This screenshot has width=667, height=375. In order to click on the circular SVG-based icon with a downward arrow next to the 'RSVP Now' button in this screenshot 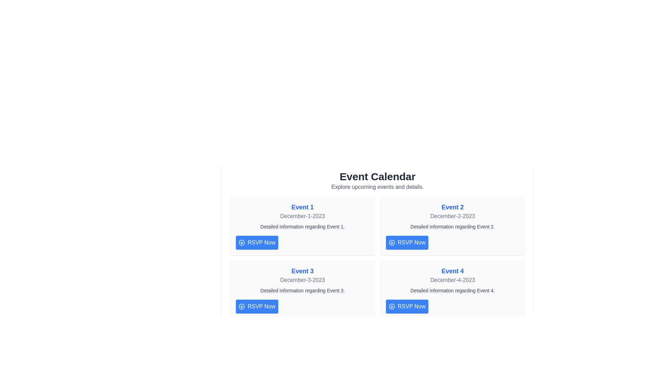, I will do `click(392, 306)`.